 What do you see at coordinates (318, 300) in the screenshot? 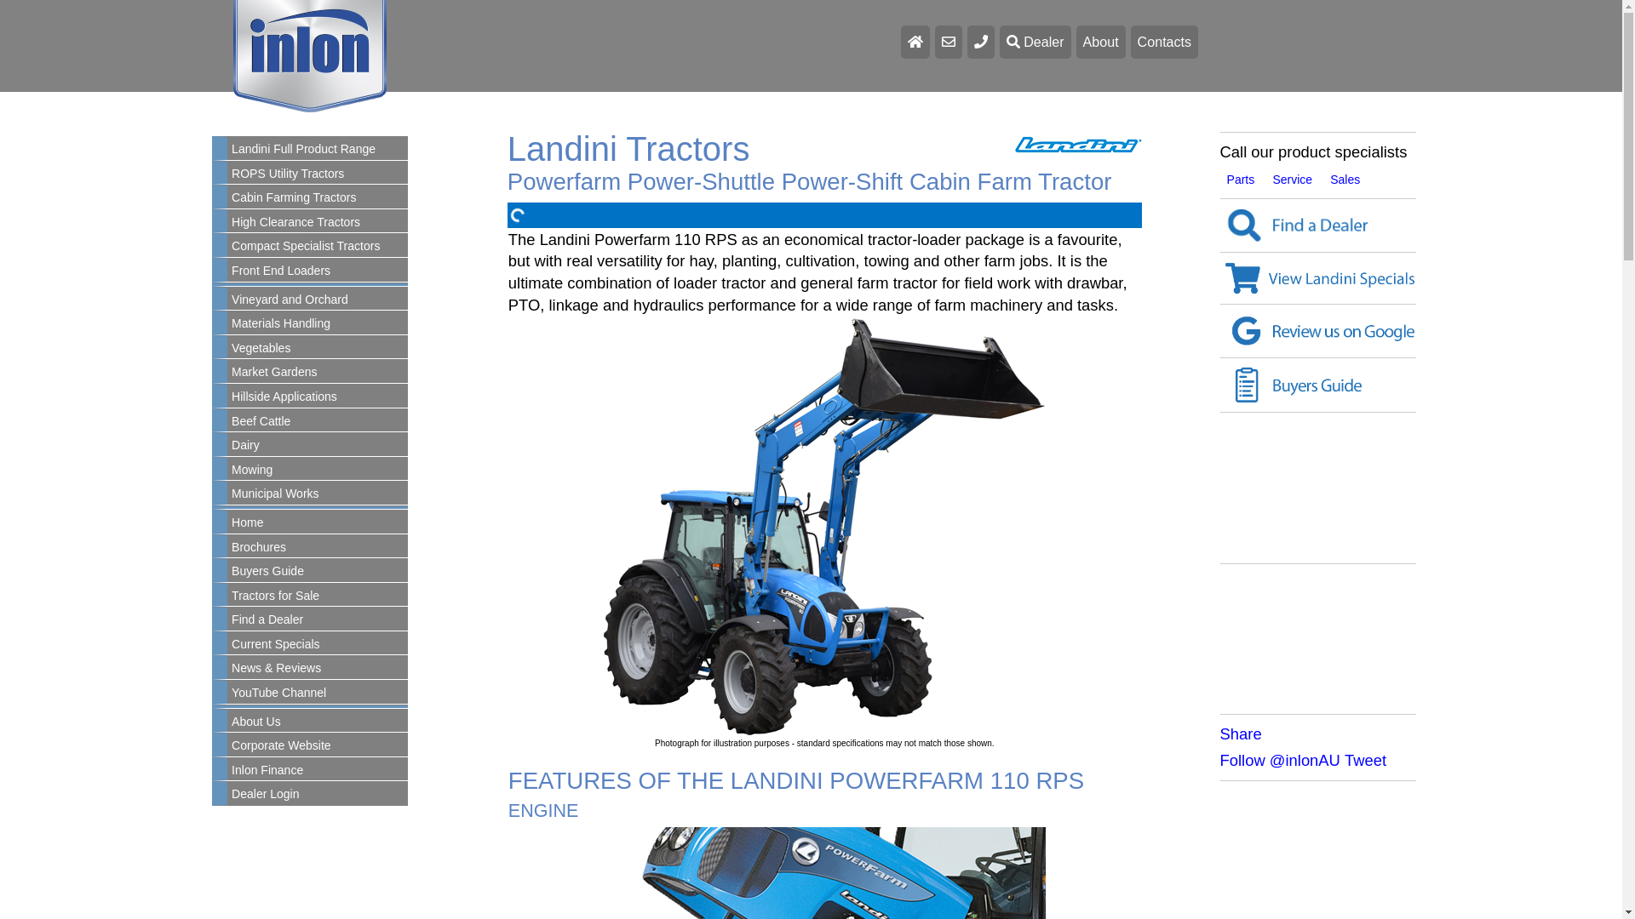
I see `'Vineyard and Orchard'` at bounding box center [318, 300].